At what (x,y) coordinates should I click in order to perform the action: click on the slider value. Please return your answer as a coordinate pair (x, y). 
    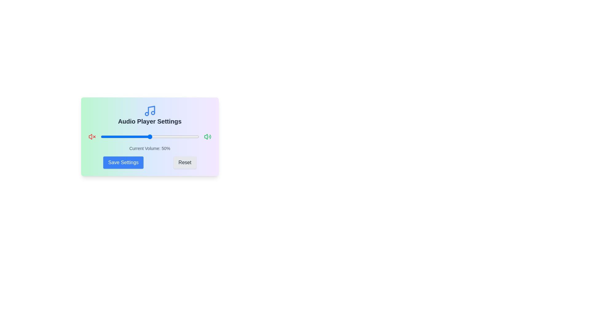
    Looking at the image, I should click on (139, 136).